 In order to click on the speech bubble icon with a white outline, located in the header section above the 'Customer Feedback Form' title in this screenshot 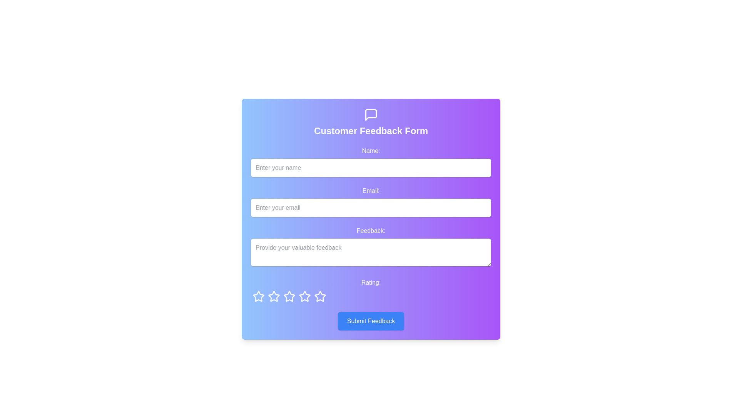, I will do `click(371, 115)`.